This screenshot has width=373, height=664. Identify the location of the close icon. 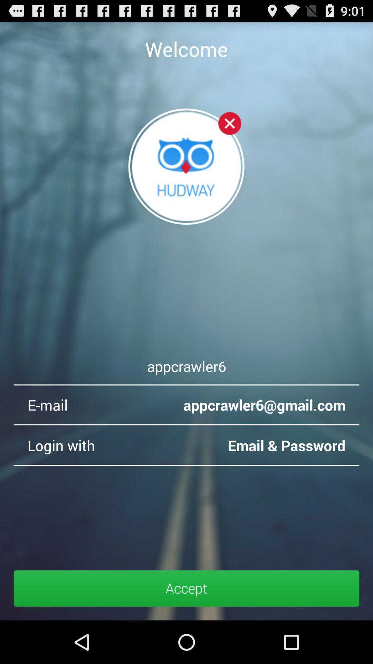
(230, 132).